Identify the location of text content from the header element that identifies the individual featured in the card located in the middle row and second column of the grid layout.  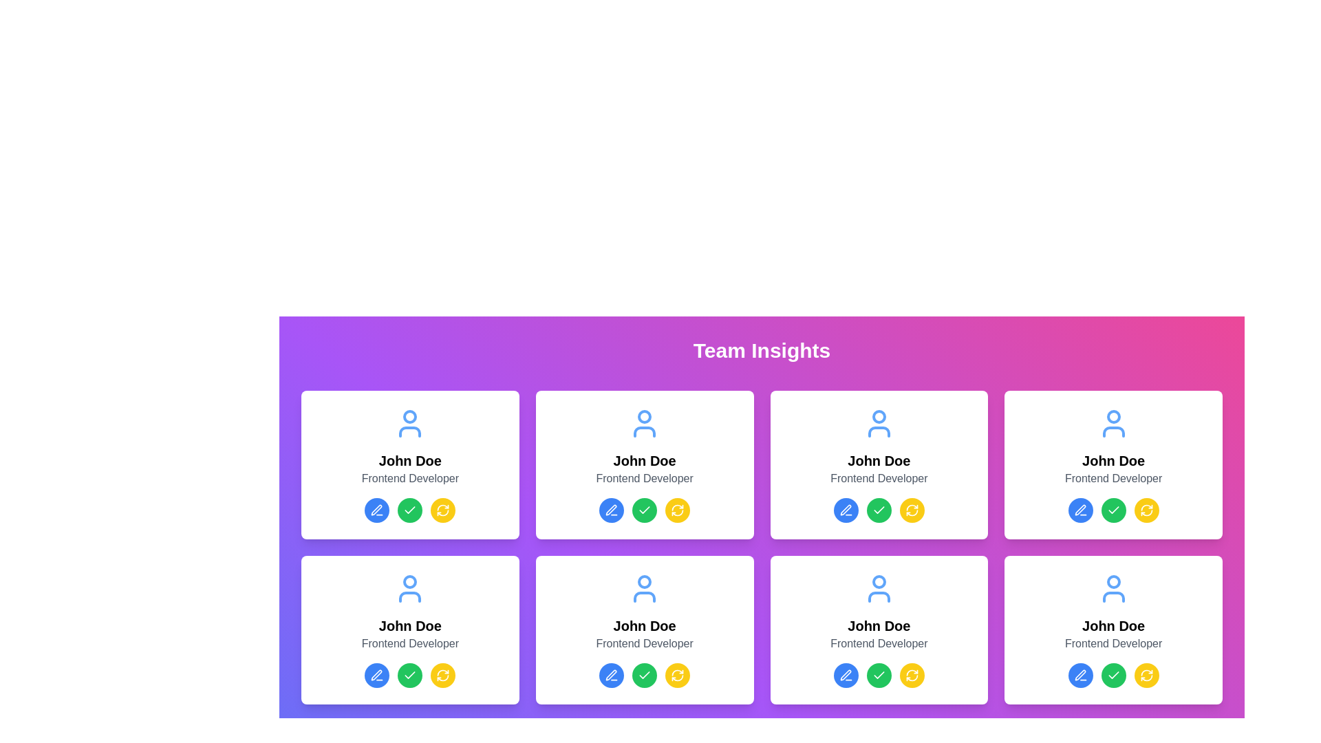
(878, 461).